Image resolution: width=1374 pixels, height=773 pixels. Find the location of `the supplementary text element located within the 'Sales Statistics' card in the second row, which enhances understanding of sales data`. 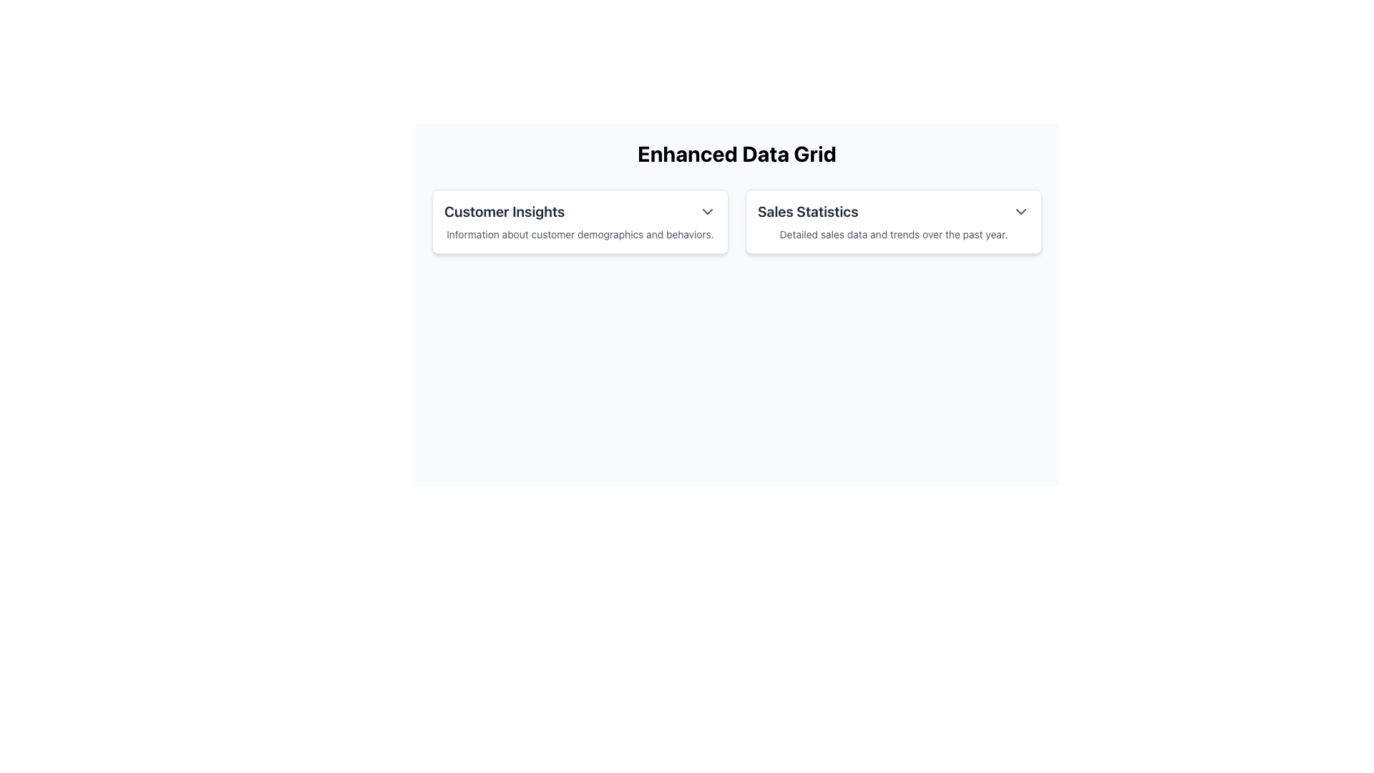

the supplementary text element located within the 'Sales Statistics' card in the second row, which enhances understanding of sales data is located at coordinates (892, 233).